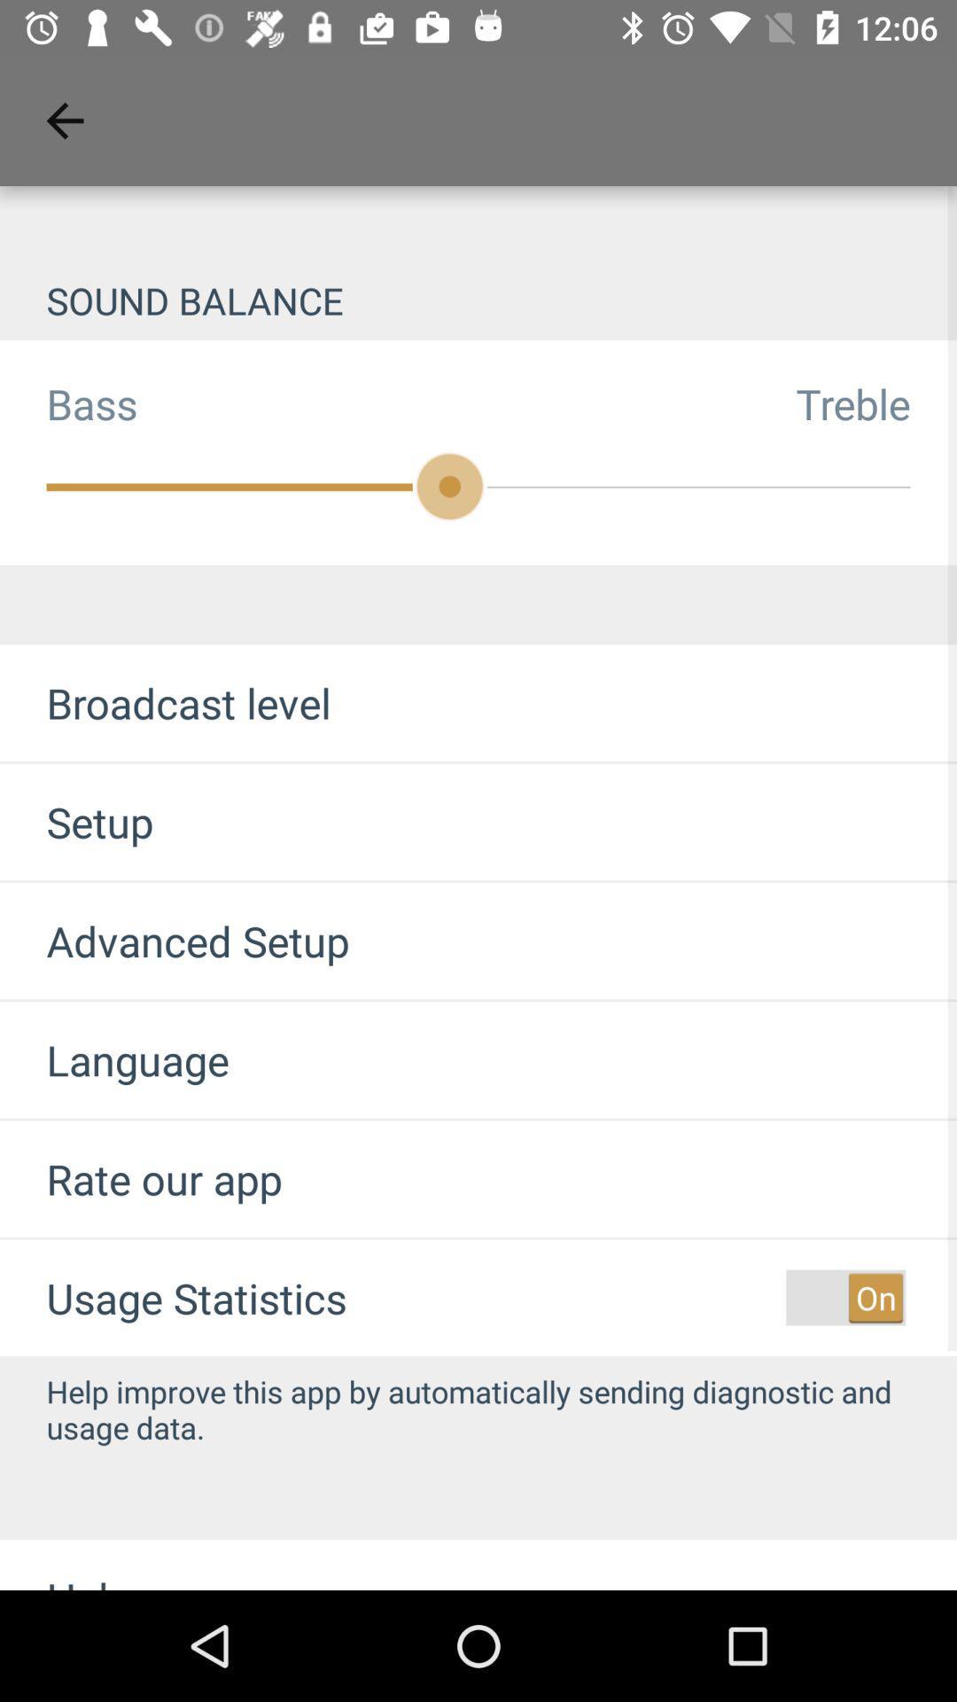  What do you see at coordinates (478, 1408) in the screenshot?
I see `the help improve this item` at bounding box center [478, 1408].